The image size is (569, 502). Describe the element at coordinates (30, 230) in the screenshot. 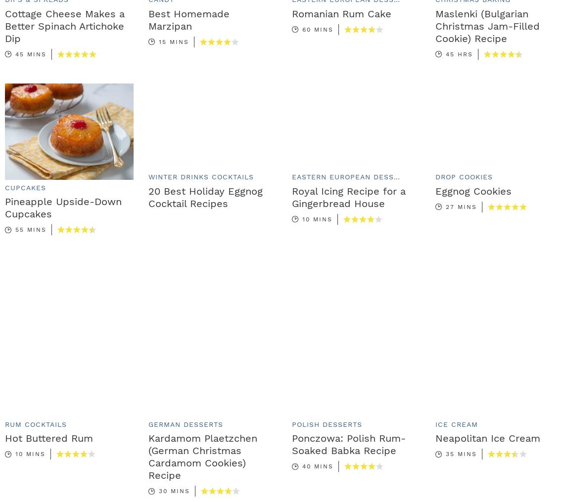

I see `'55 mins'` at that location.